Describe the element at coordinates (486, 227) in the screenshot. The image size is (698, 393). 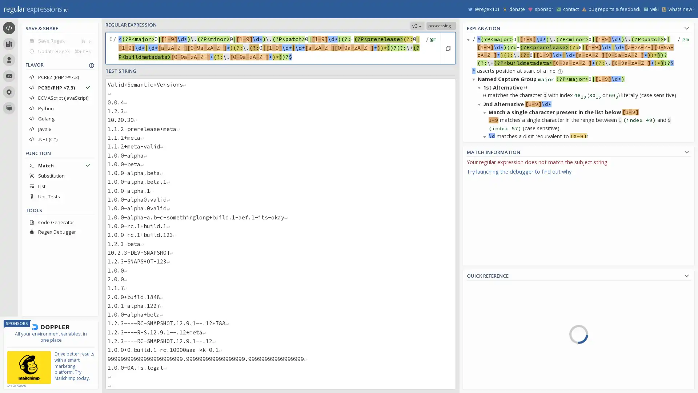
I see `Collapse Subtree` at that location.